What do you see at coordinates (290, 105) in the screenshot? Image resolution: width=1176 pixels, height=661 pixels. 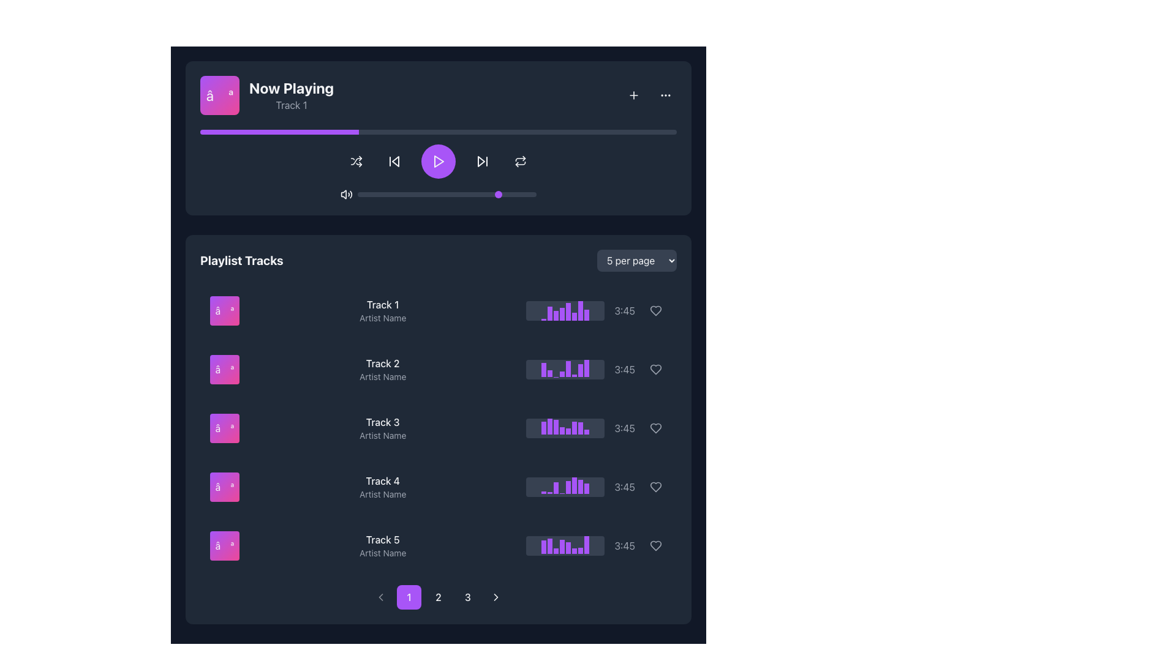 I see `the text label indicating the title or name of the currently playing track, which is located directly beneath the 'Now Playing' title` at bounding box center [290, 105].